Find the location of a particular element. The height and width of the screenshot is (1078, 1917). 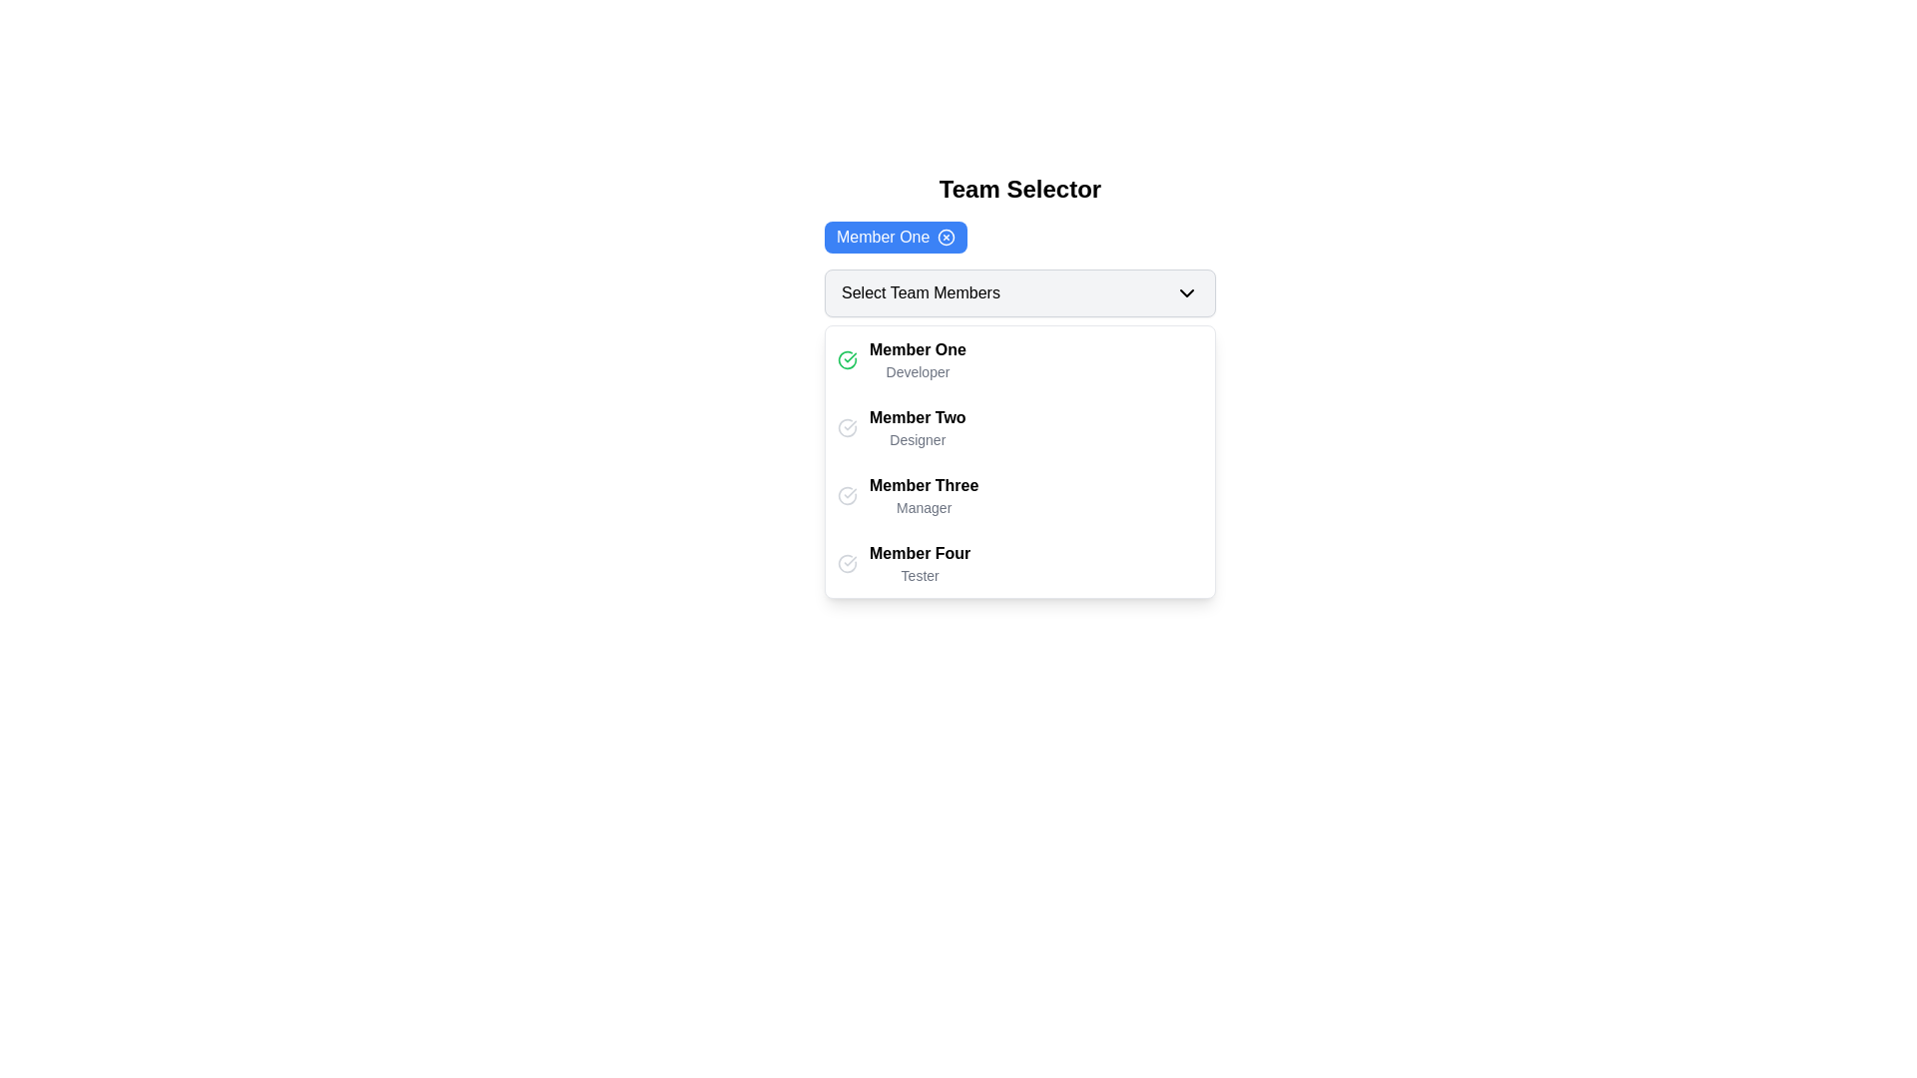

the first selectable team member in the modal, which provides details about their name and role is located at coordinates (1020, 385).